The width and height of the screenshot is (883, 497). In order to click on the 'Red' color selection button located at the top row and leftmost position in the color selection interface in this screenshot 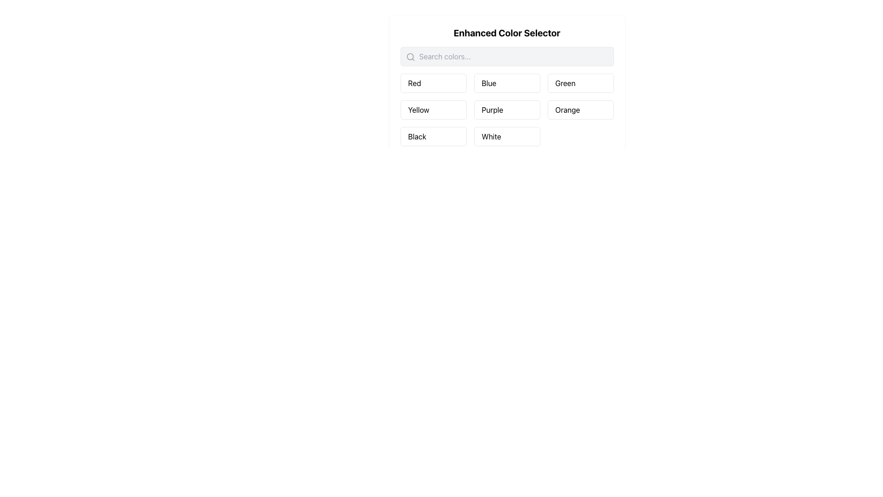, I will do `click(433, 83)`.